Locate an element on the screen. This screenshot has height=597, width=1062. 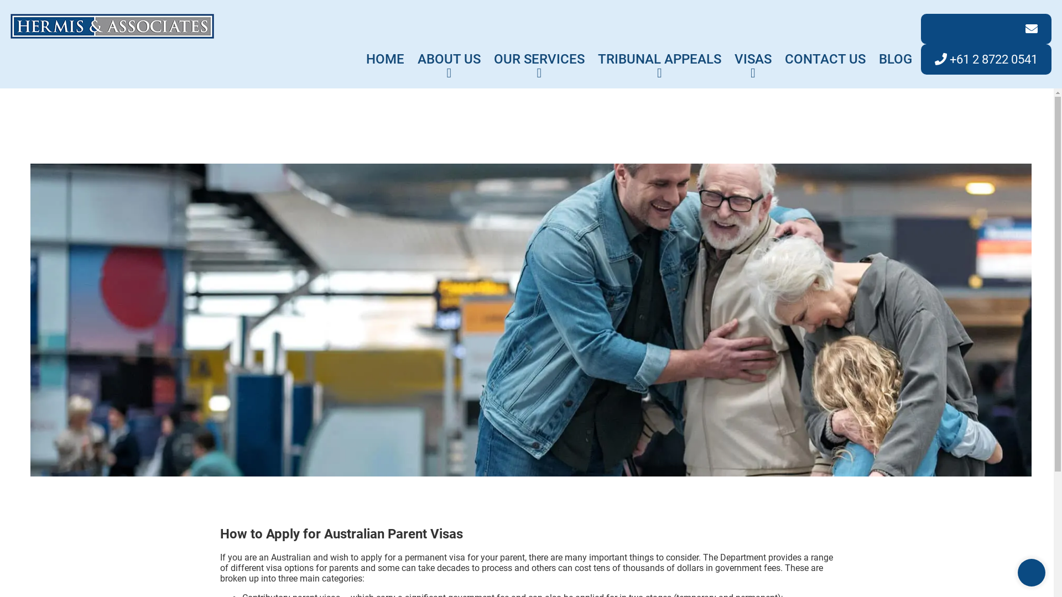
'TRIBUNAL APPEALS' is located at coordinates (659, 53).